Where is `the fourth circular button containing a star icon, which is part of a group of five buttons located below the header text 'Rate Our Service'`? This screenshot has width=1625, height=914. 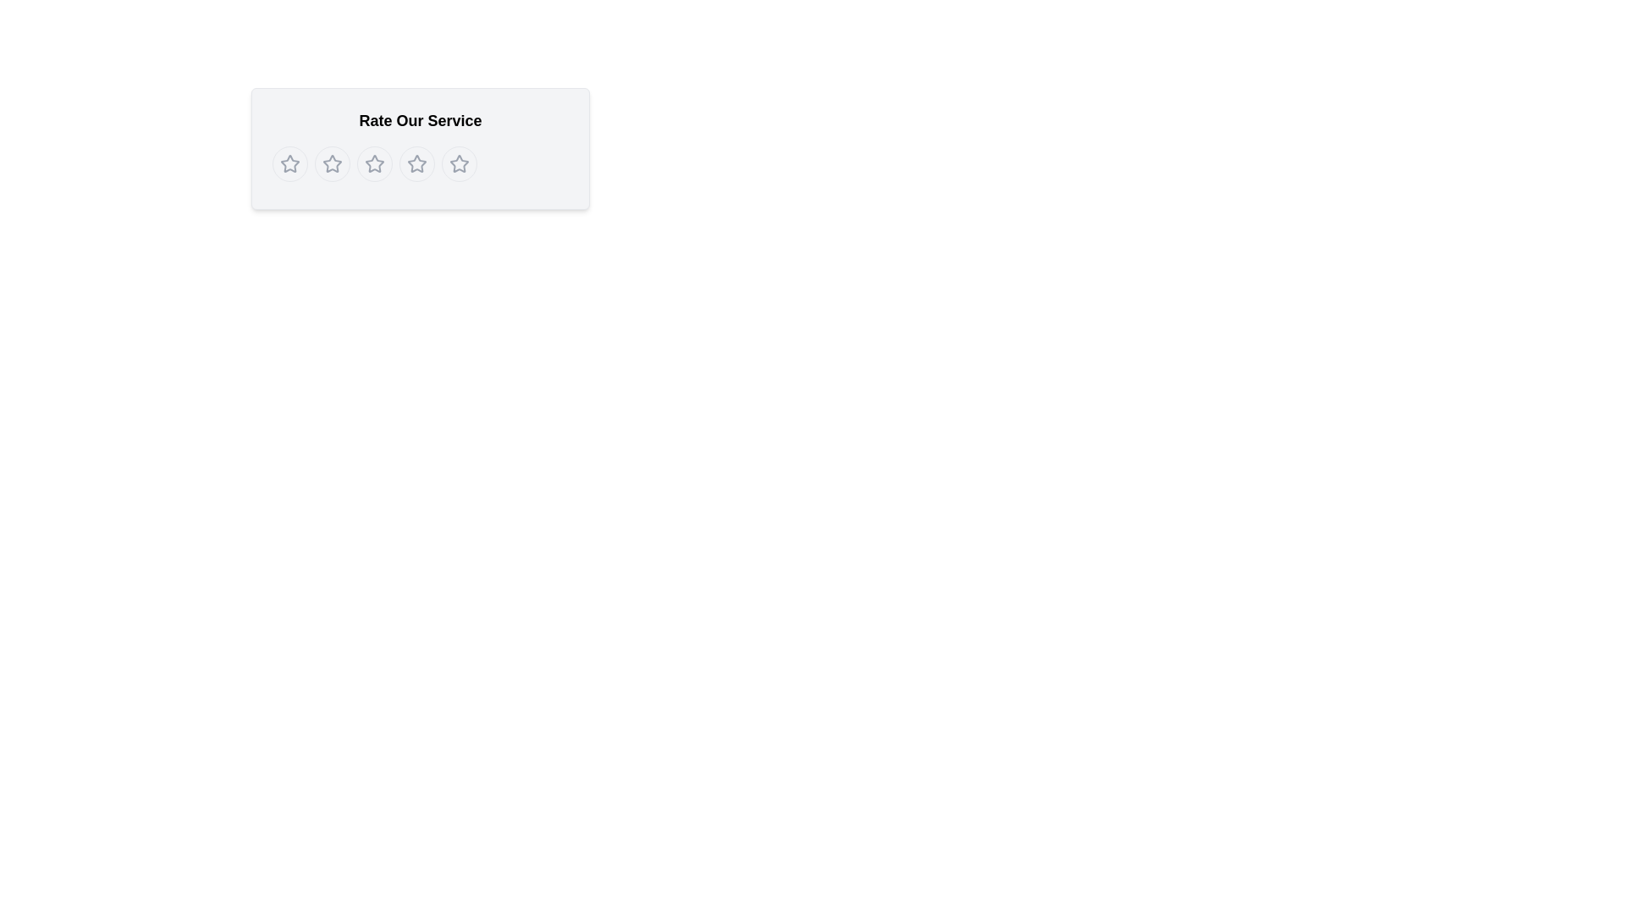 the fourth circular button containing a star icon, which is part of a group of five buttons located below the header text 'Rate Our Service' is located at coordinates (421, 163).